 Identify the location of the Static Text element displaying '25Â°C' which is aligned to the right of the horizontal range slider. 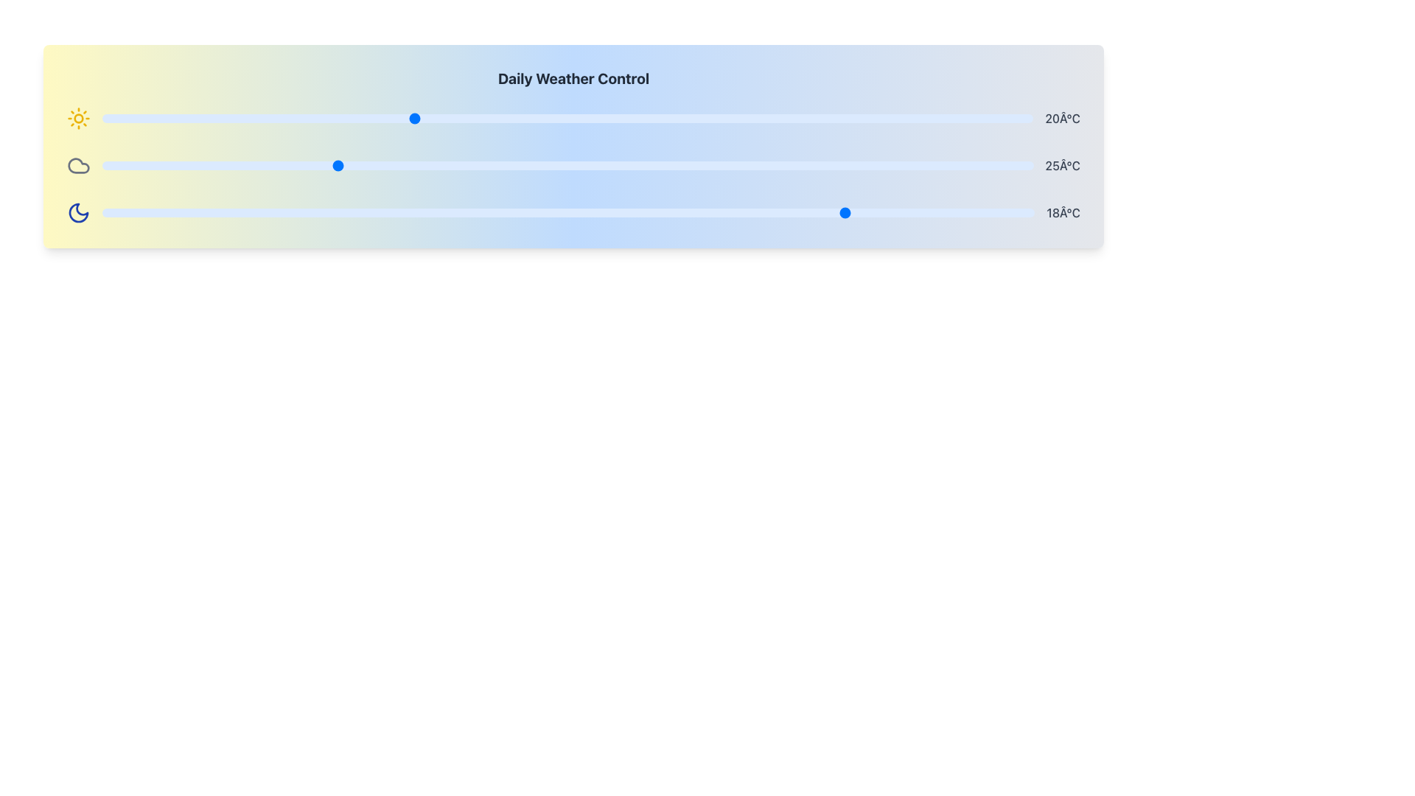
(1063, 165).